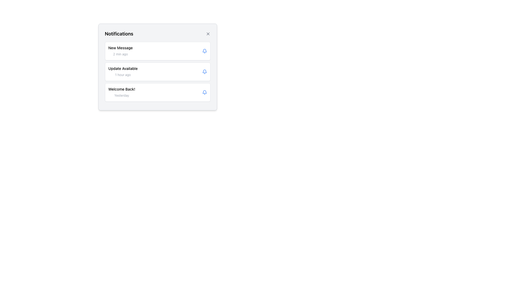 Image resolution: width=509 pixels, height=286 pixels. Describe the element at coordinates (120, 48) in the screenshot. I see `the 'New Message' text located at the top of the notification card, which is styled in bold and is the first text entry above the timestamp '2 min ago'` at that location.